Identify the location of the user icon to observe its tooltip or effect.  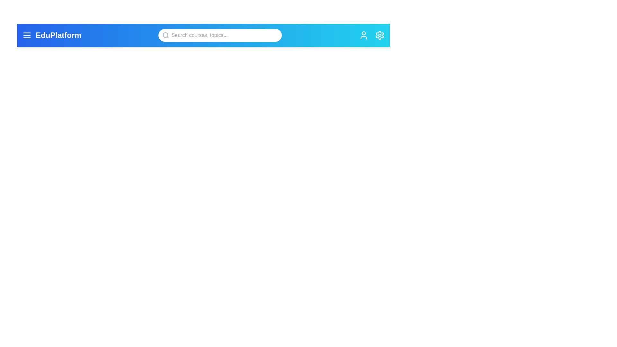
(364, 35).